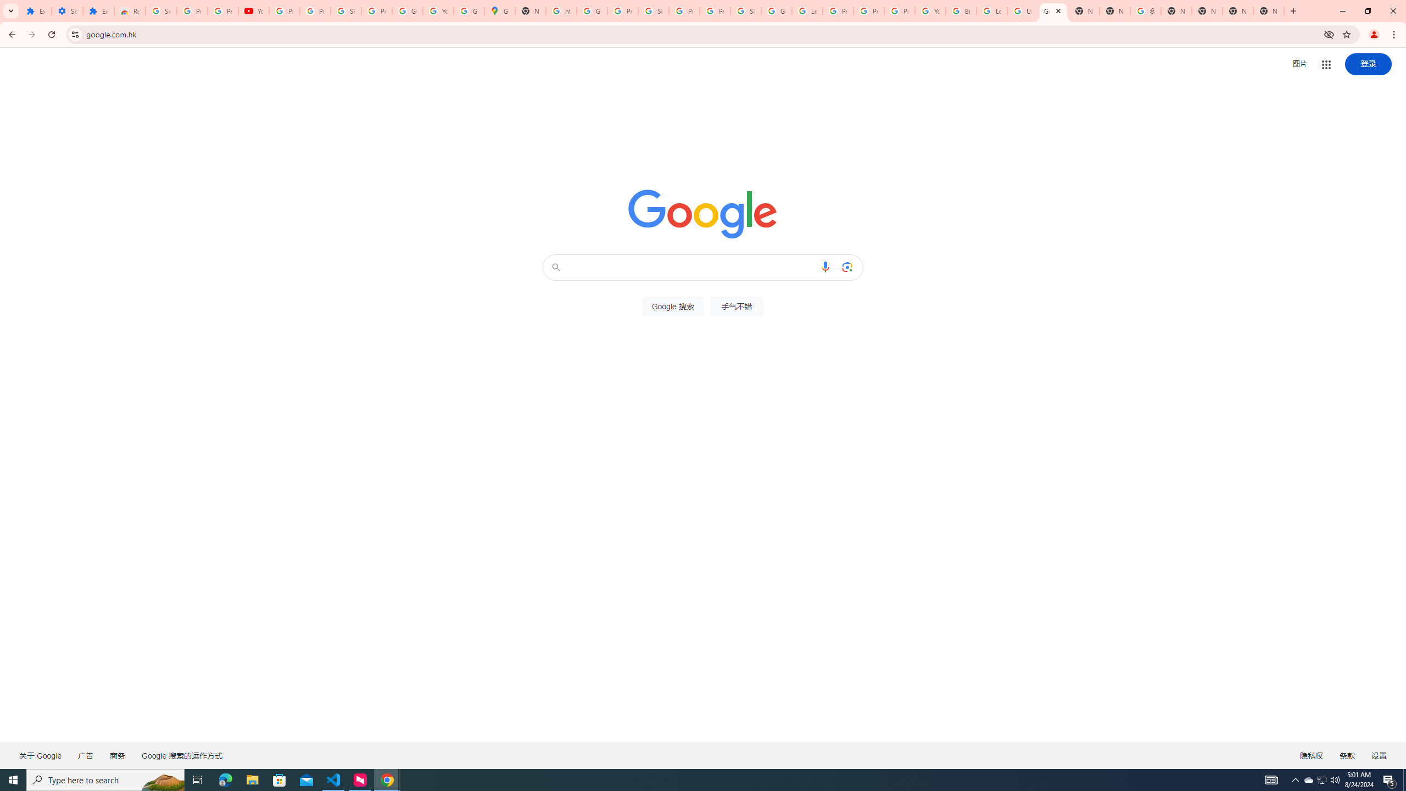 The image size is (1406, 791). What do you see at coordinates (130, 10) in the screenshot?
I see `'Reviews: Helix Fruit Jump Arcade Game'` at bounding box center [130, 10].